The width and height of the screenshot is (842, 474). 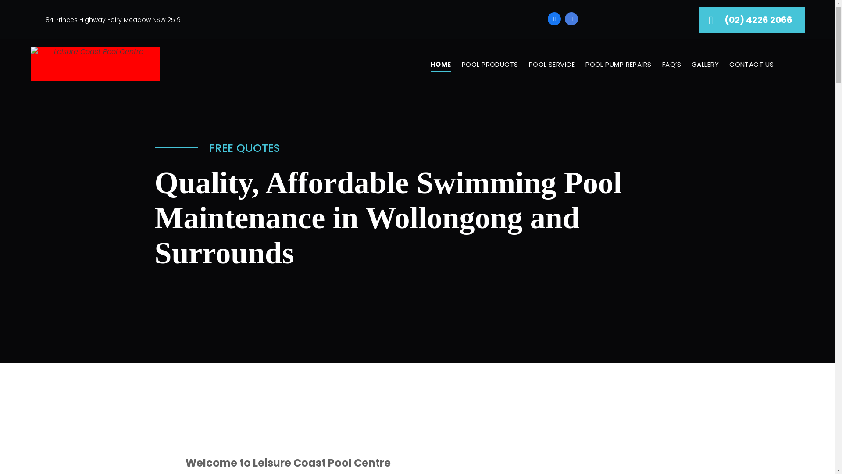 What do you see at coordinates (425, 64) in the screenshot?
I see `'HOME'` at bounding box center [425, 64].